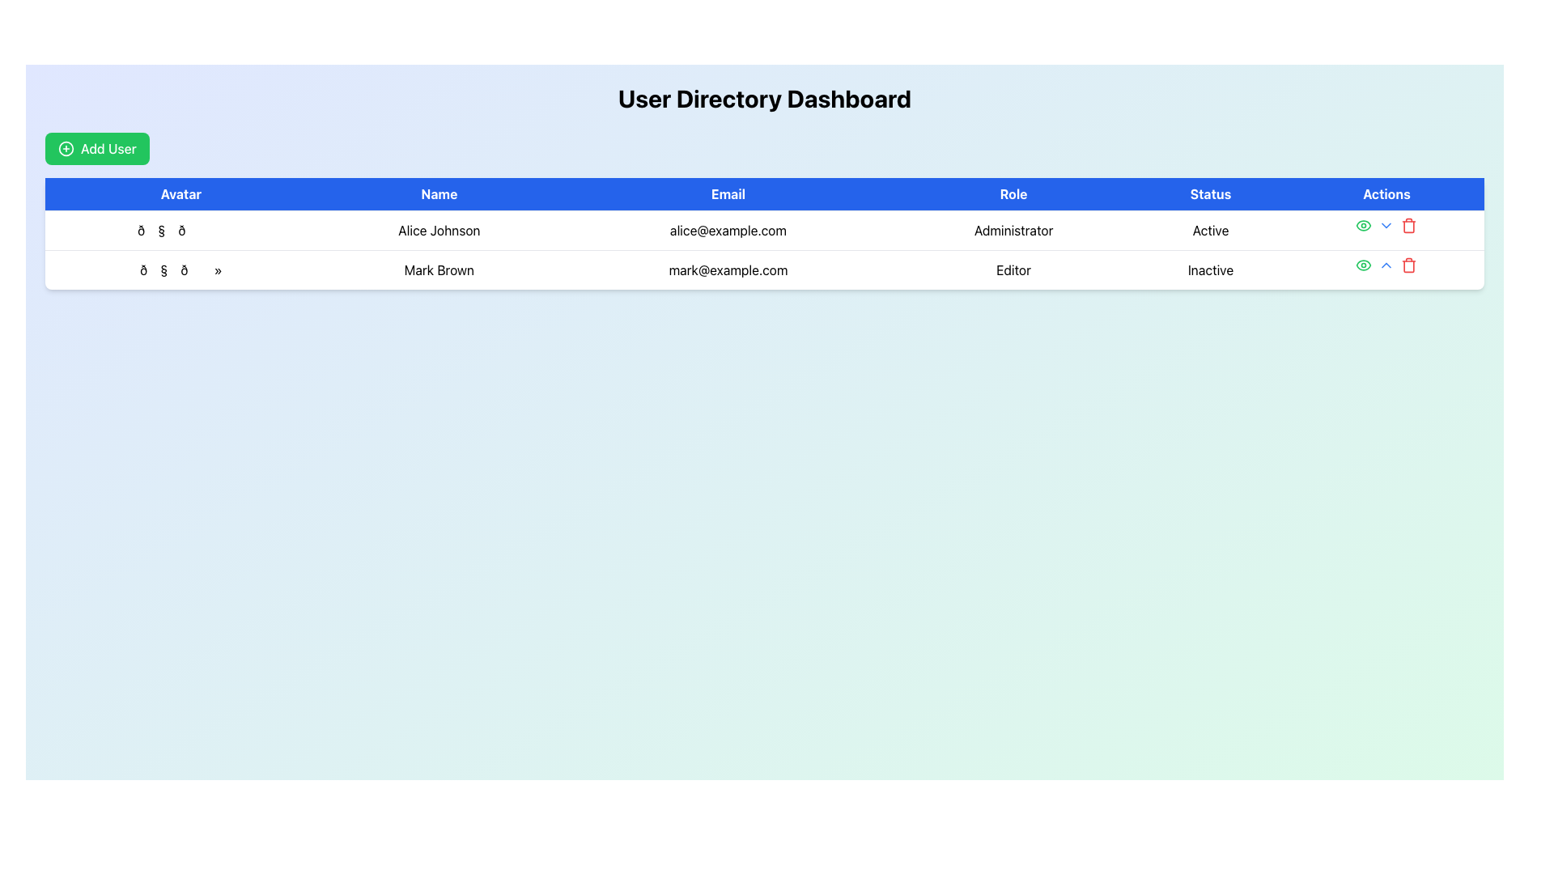 This screenshot has height=874, width=1554. Describe the element at coordinates (96, 149) in the screenshot. I see `the green 'Add User' button with rounded corners` at that location.